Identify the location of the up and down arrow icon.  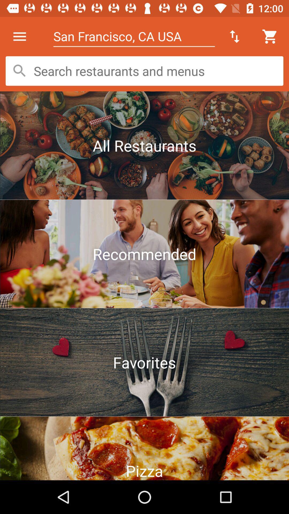
(234, 36).